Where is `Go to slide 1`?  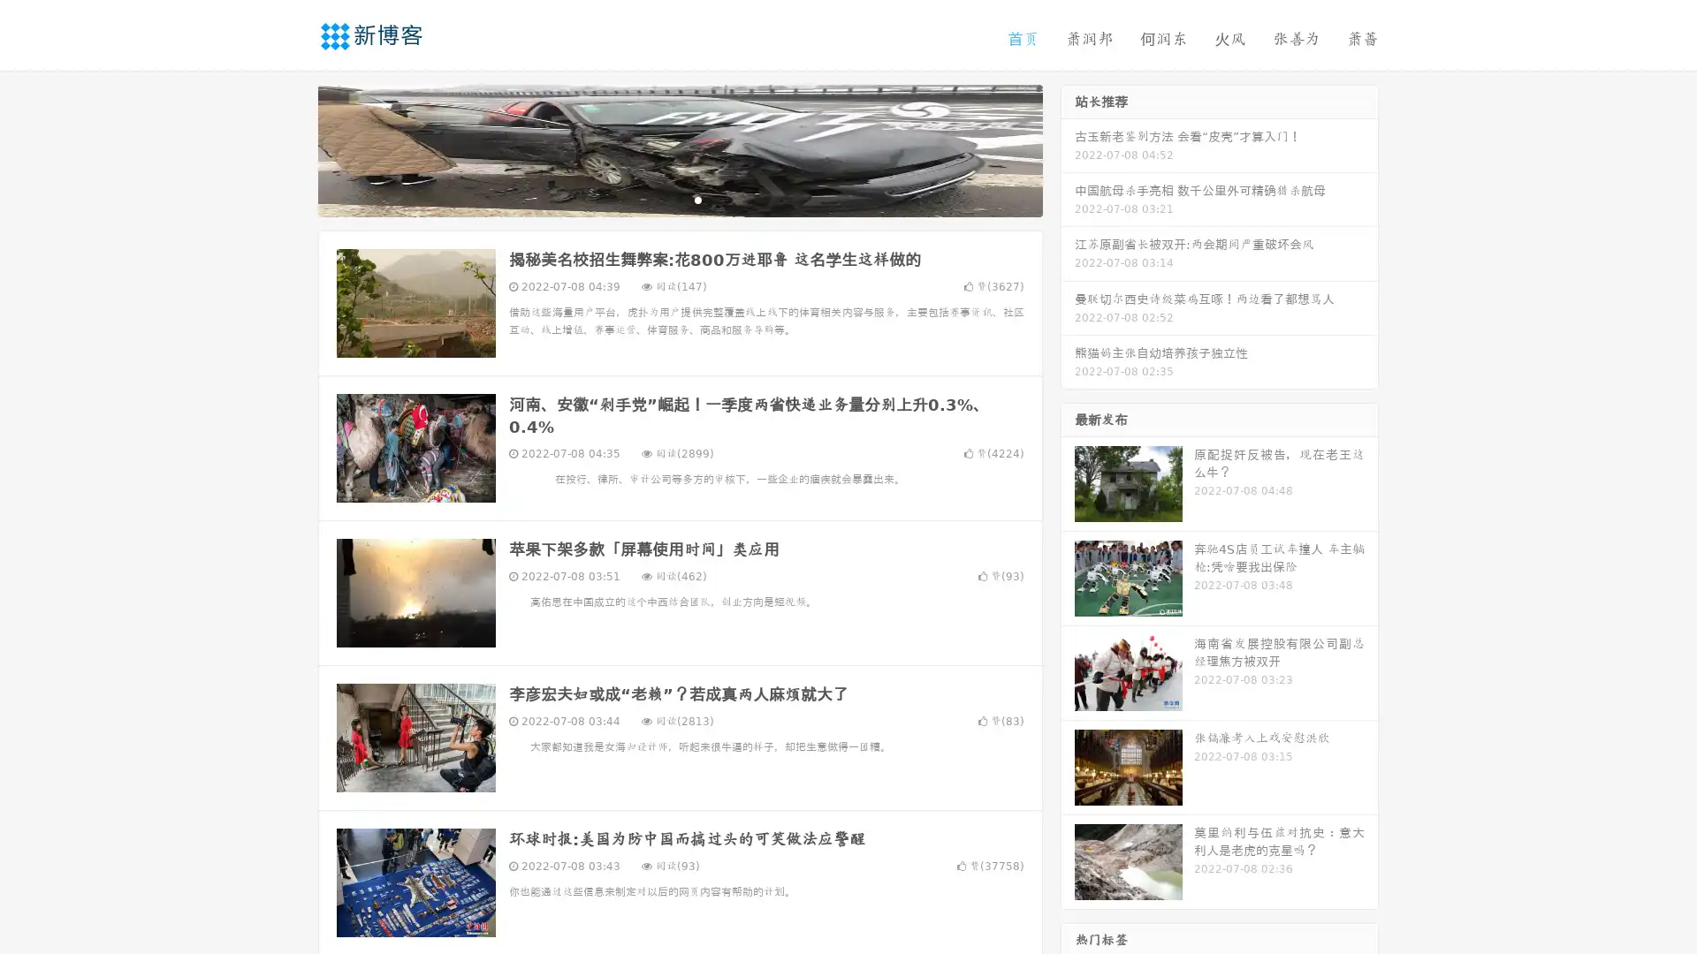 Go to slide 1 is located at coordinates (661, 199).